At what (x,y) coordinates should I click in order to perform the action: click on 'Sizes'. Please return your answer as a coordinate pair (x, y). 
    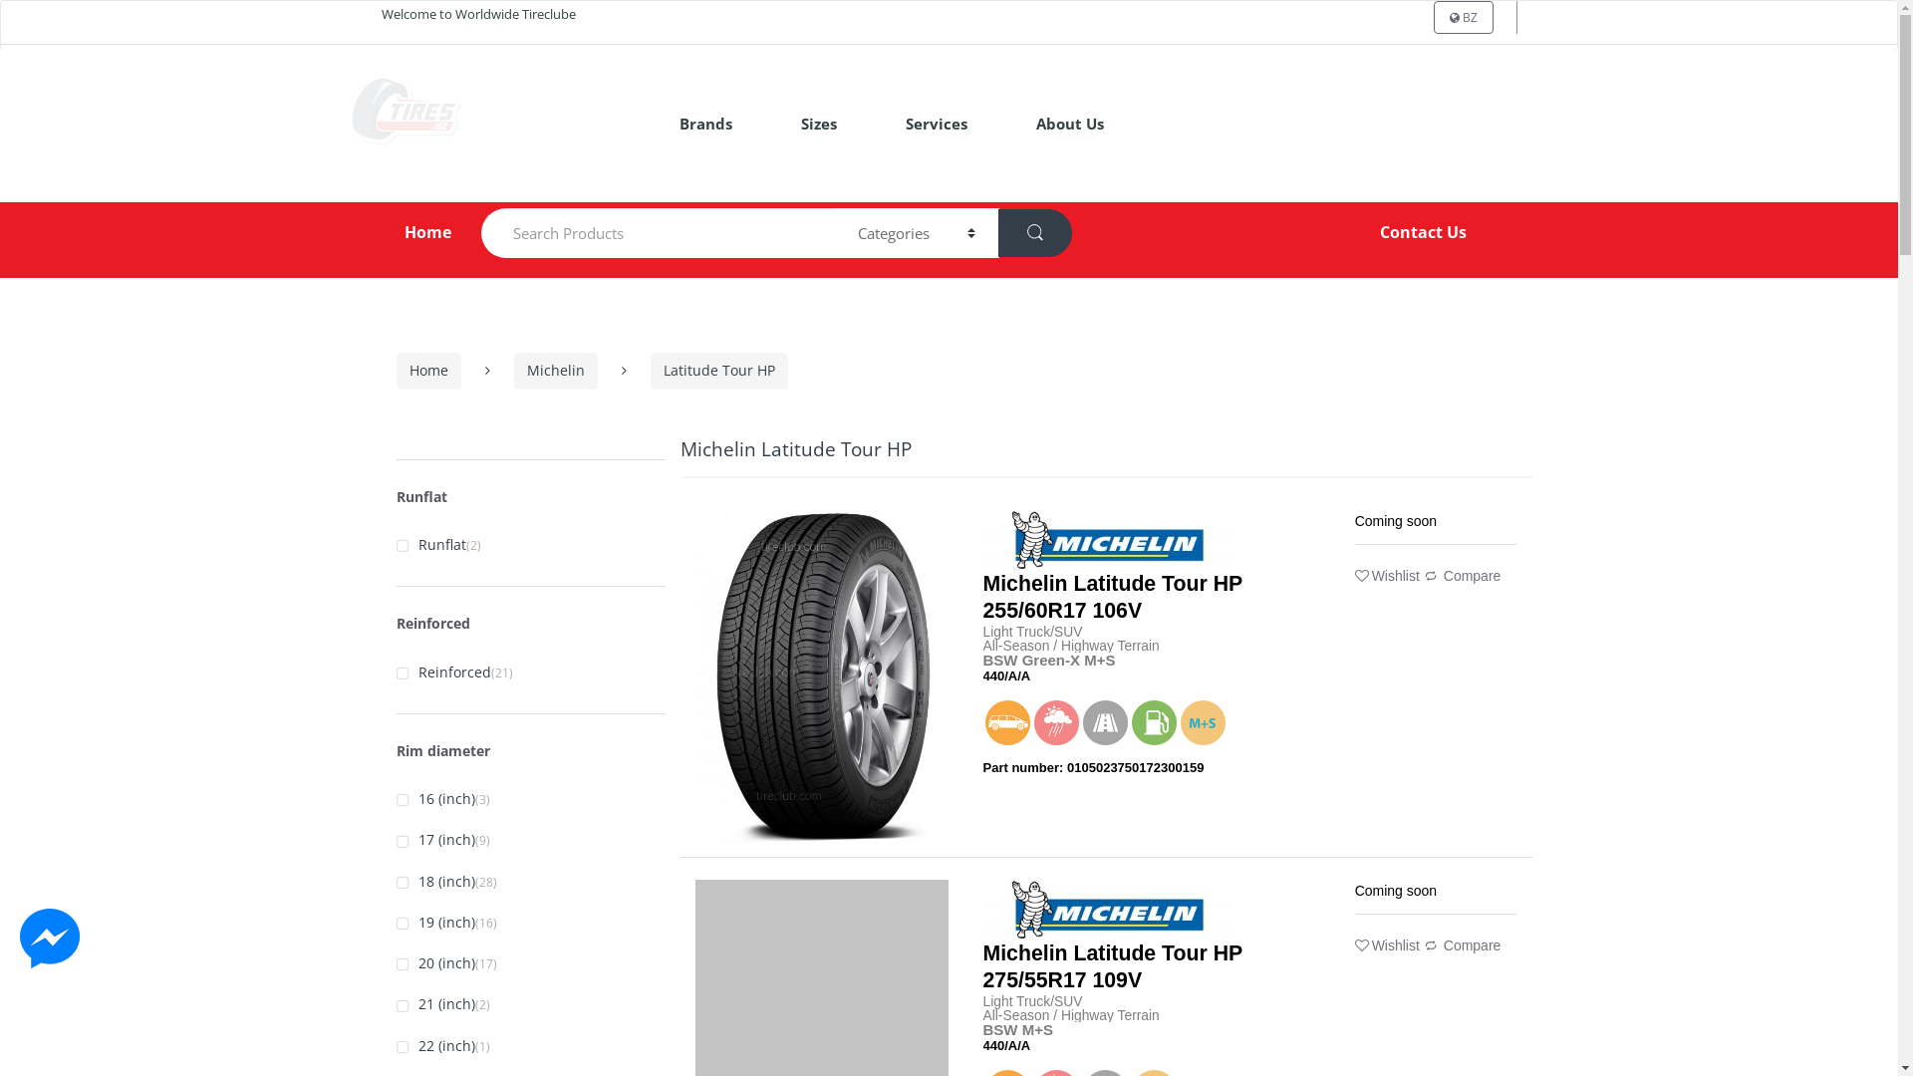
    Looking at the image, I should click on (818, 123).